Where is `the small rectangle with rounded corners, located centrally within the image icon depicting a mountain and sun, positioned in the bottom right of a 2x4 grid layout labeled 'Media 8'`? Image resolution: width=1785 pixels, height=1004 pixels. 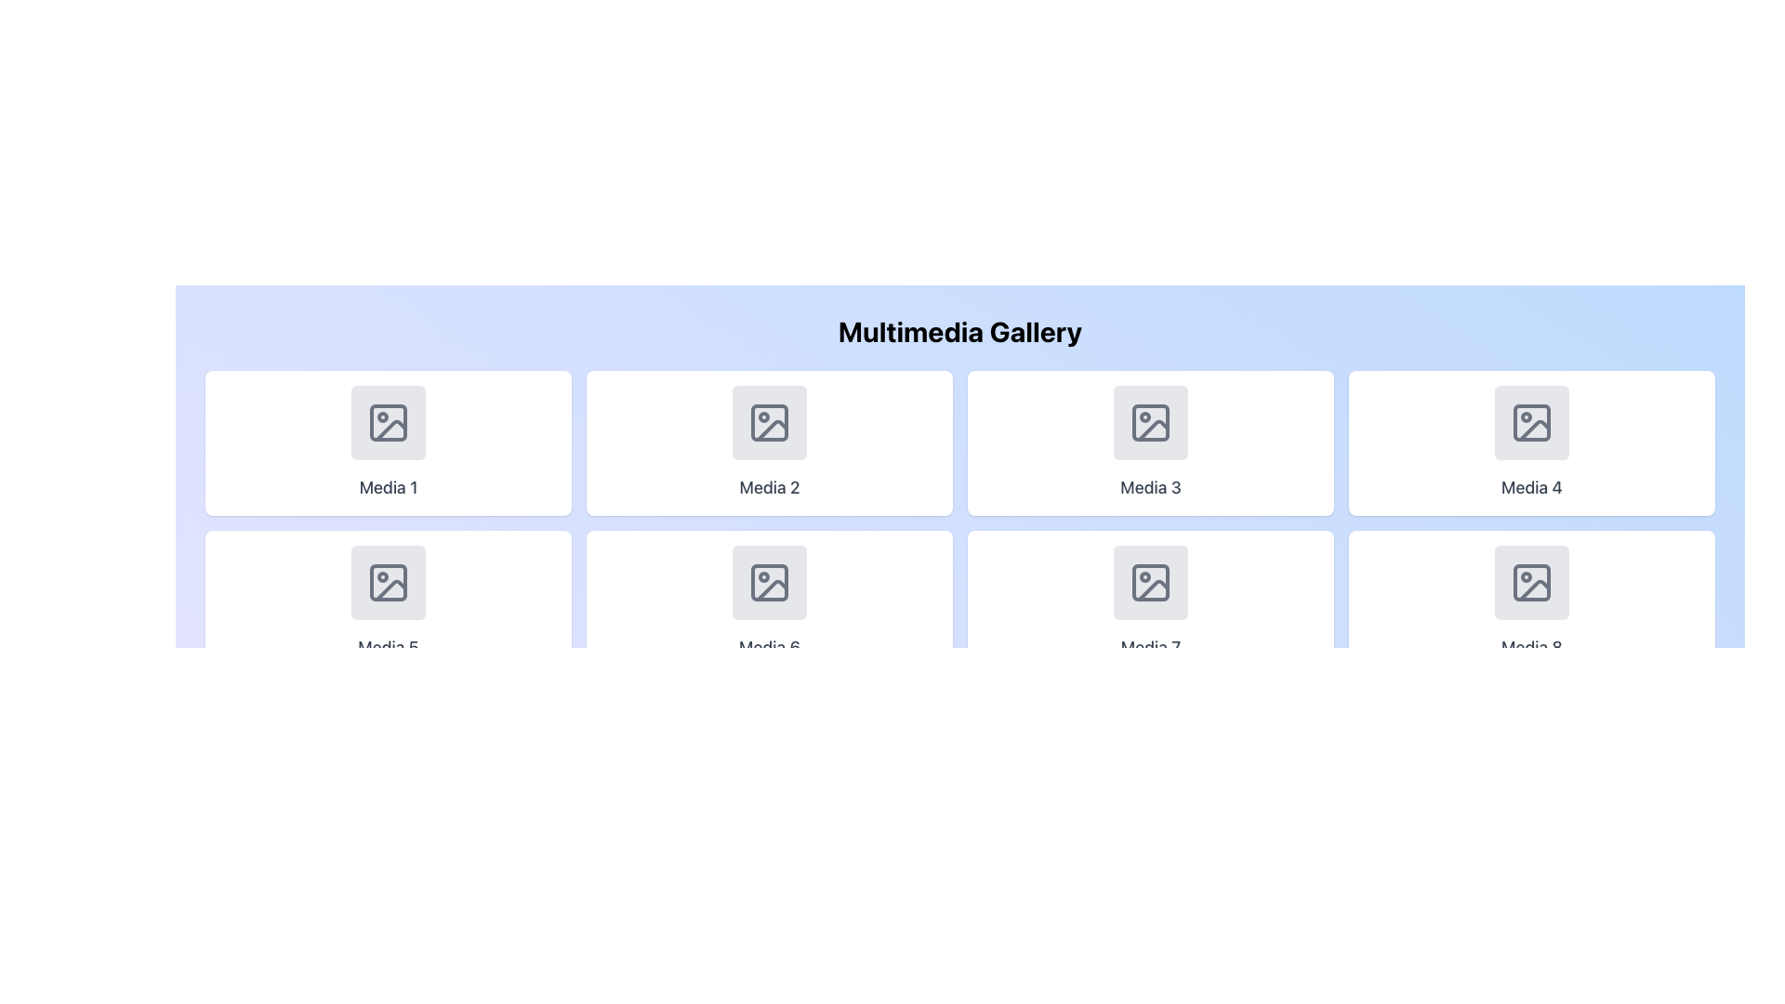
the small rectangle with rounded corners, located centrally within the image icon depicting a mountain and sun, positioned in the bottom right of a 2x4 grid layout labeled 'Media 8' is located at coordinates (1531, 582).